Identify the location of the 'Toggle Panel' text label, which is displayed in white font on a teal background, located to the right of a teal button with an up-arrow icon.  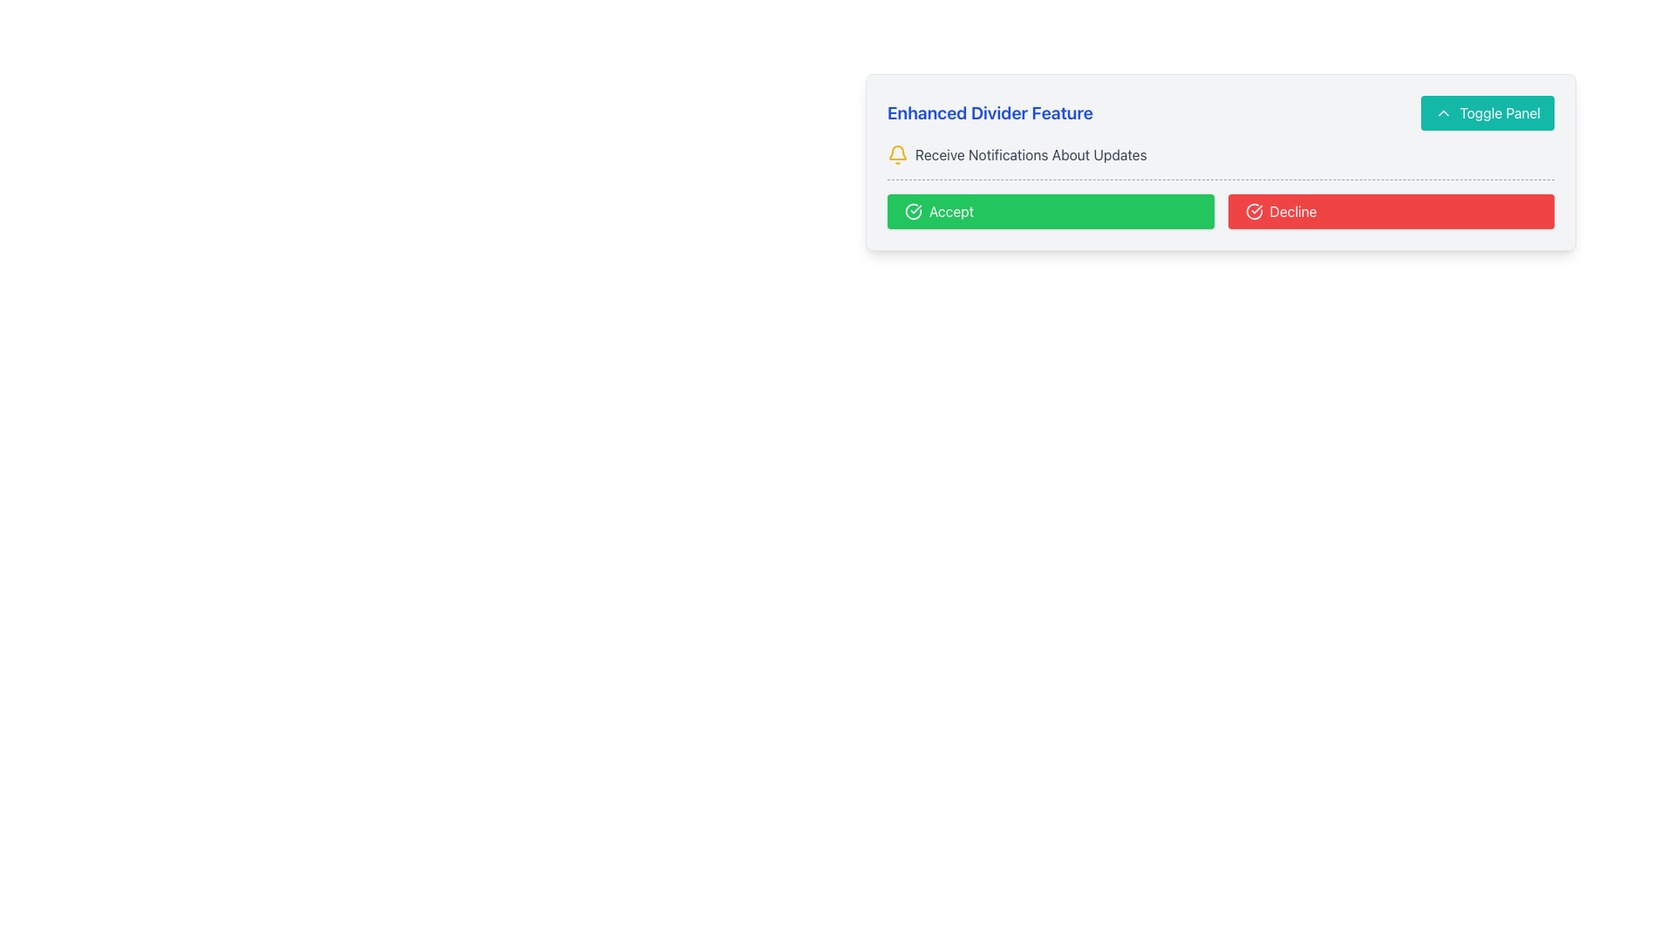
(1499, 113).